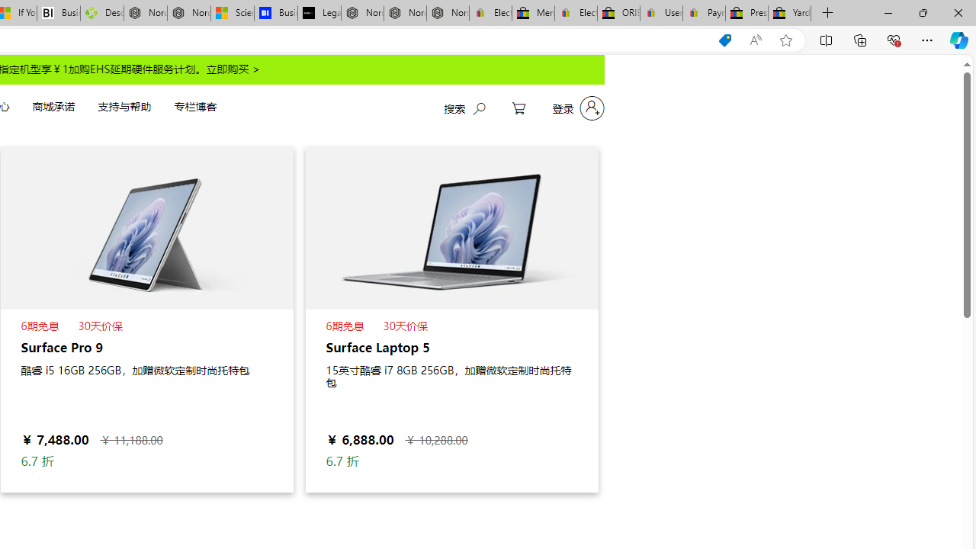 The width and height of the screenshot is (976, 549). I want to click on 'User Privacy Notice | eBay', so click(661, 13).